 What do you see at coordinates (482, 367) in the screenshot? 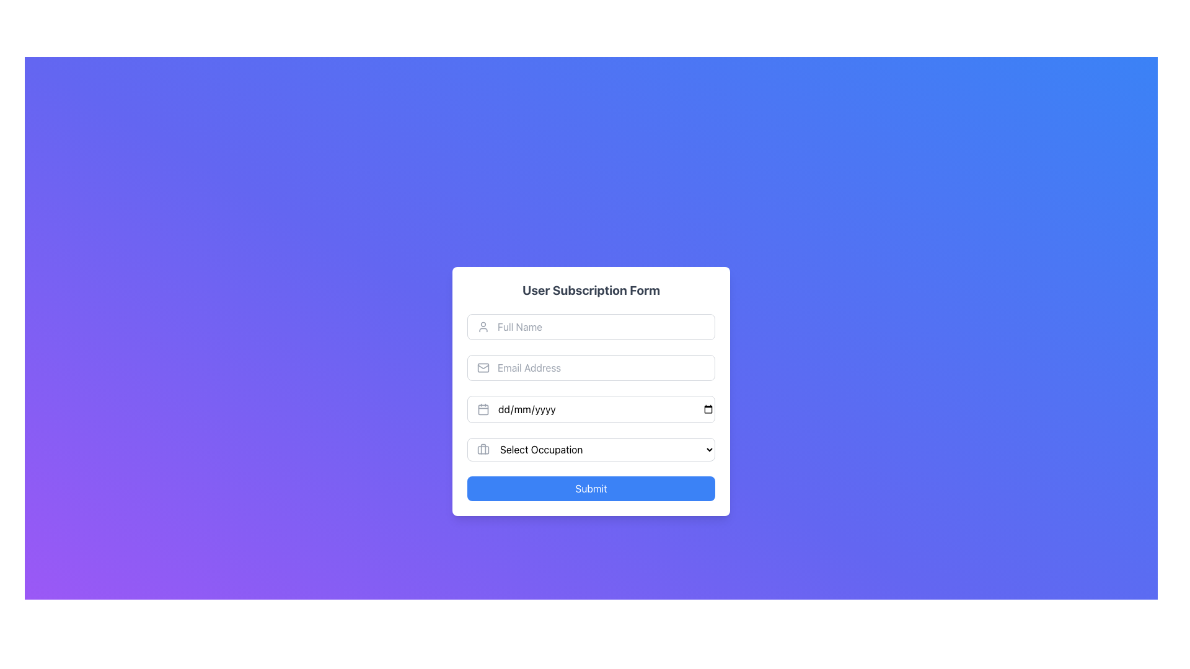
I see `the small gray envelope icon that symbolizes email, located to the left of the 'Email Address' input field in the subscription form` at bounding box center [482, 367].